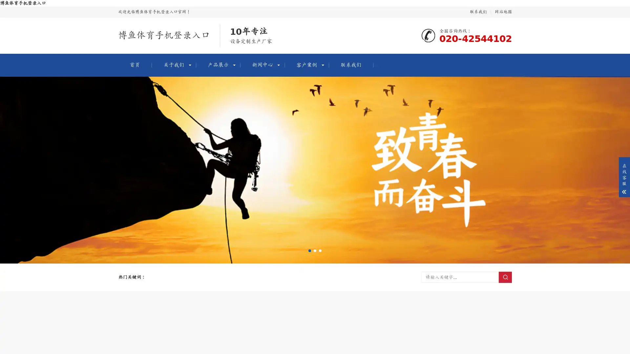 The width and height of the screenshot is (630, 354). I want to click on Go to slide 2, so click(315, 250).